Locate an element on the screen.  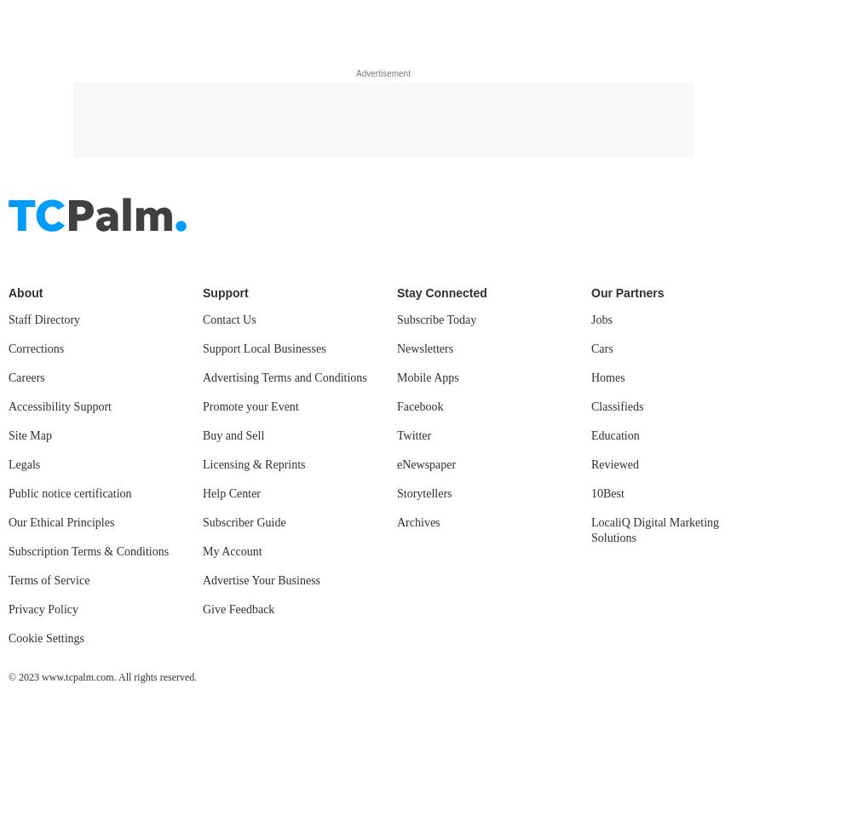
'Help Center' is located at coordinates (232, 16).